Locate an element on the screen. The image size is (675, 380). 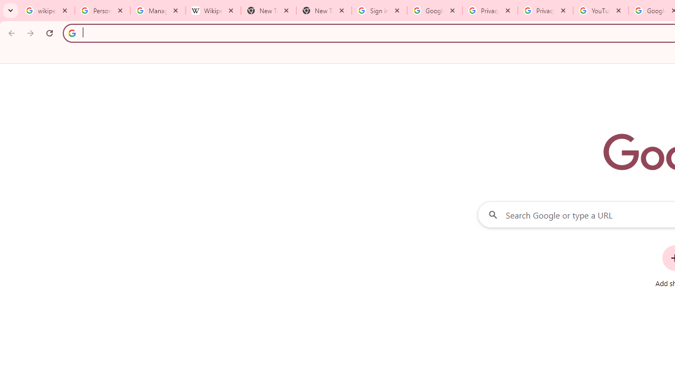
'YouTube' is located at coordinates (601, 11).